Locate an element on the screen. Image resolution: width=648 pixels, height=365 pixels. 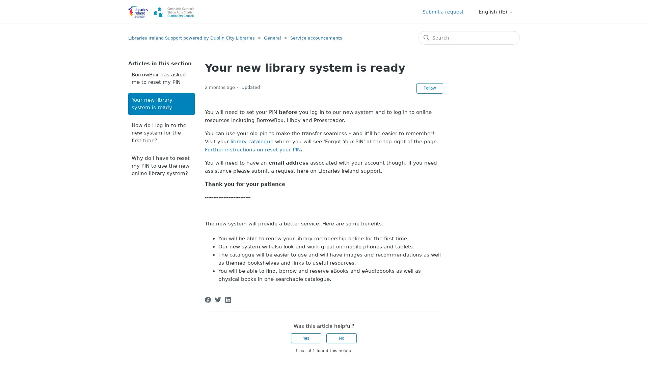
This article was helpful is located at coordinates (306, 338).